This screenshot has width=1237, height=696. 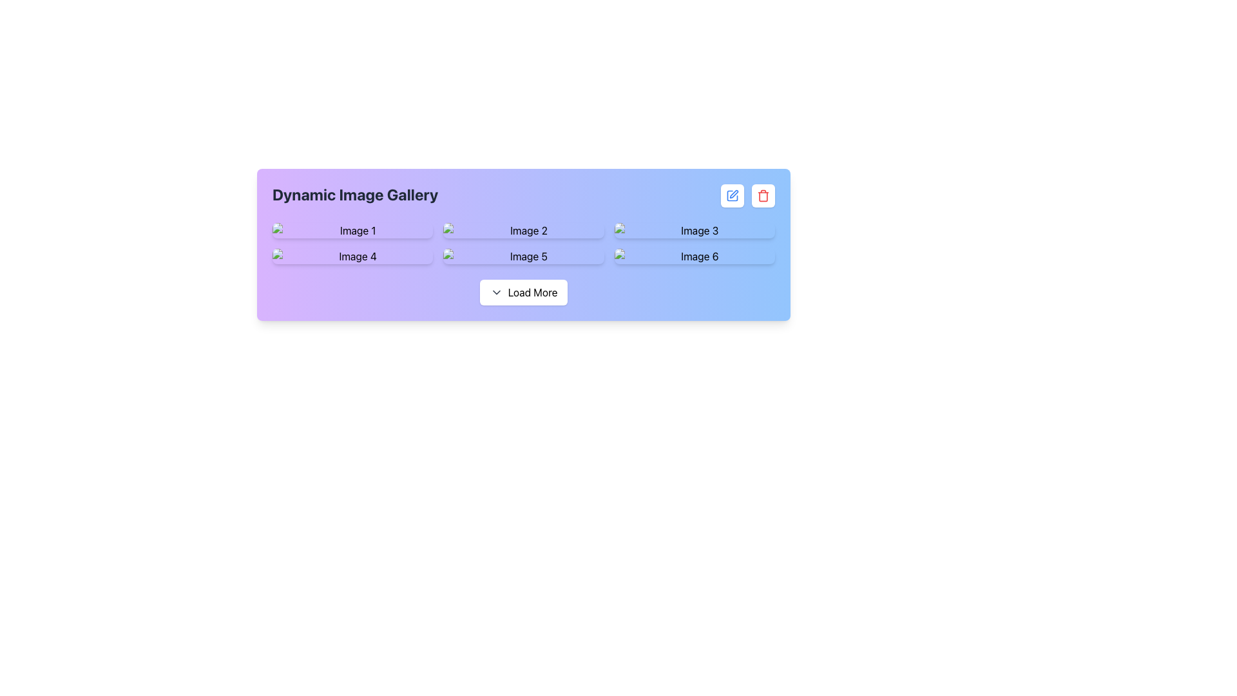 What do you see at coordinates (352, 230) in the screenshot?
I see `the first image component in the gallery, located in the top-left corner of the grid layout` at bounding box center [352, 230].